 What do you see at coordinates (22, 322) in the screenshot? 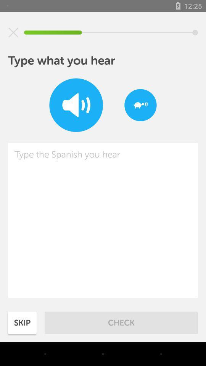
I see `the icon next to check` at bounding box center [22, 322].